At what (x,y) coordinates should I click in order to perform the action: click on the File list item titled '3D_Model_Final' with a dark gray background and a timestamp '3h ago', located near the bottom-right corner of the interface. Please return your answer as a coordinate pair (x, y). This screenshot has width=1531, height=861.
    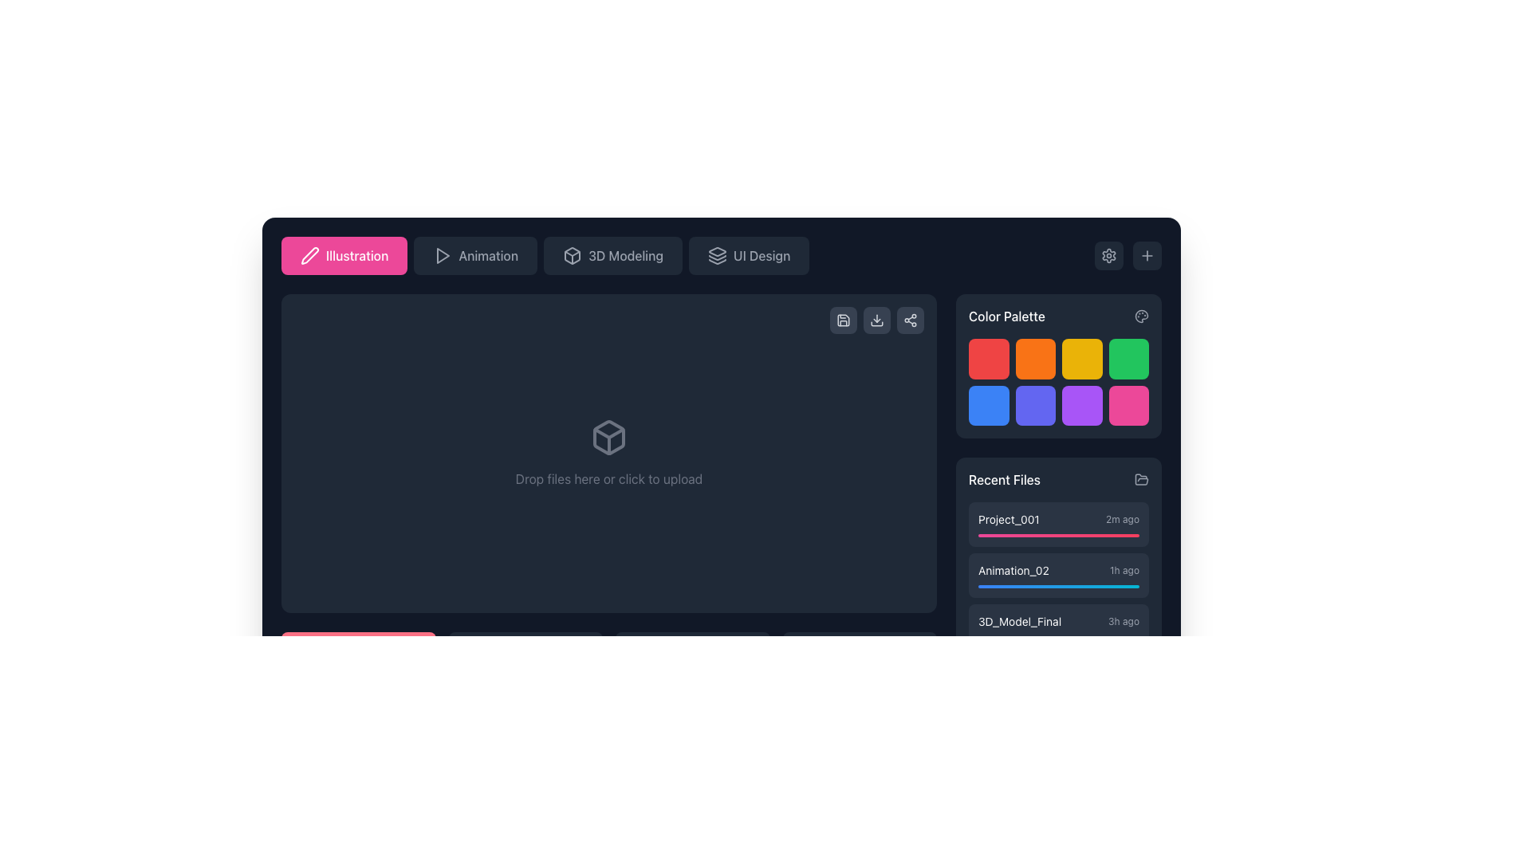
    Looking at the image, I should click on (1059, 626).